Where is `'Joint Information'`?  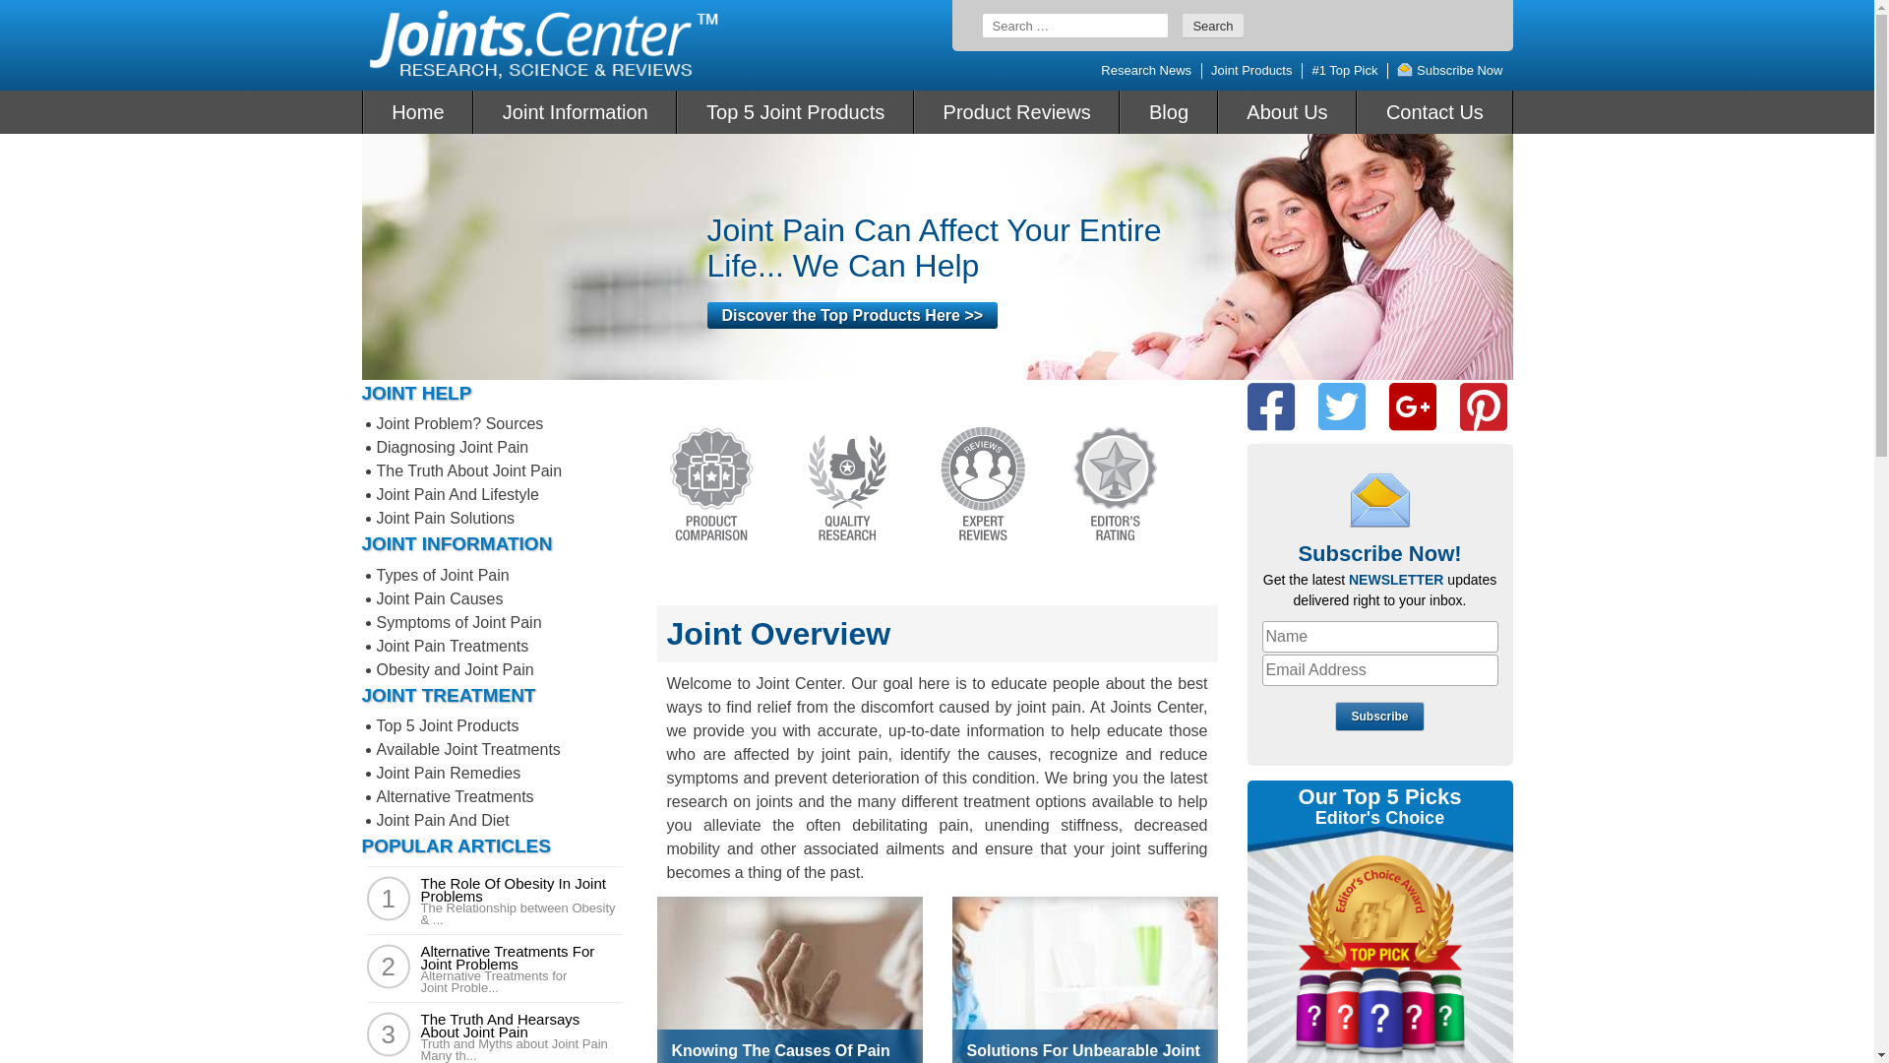 'Joint Information' is located at coordinates (574, 112).